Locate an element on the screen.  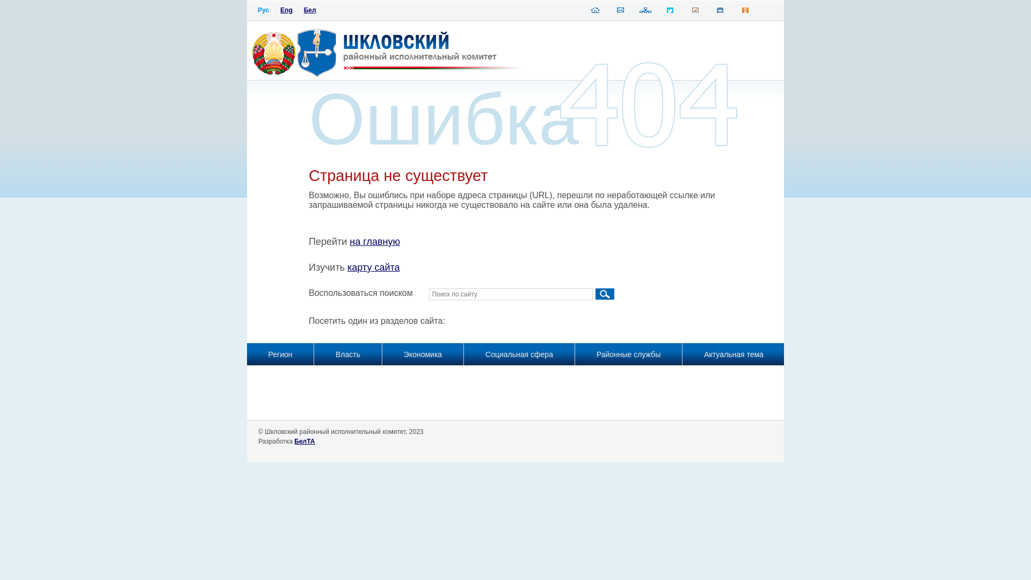
'twitter' is located at coordinates (670, 12).